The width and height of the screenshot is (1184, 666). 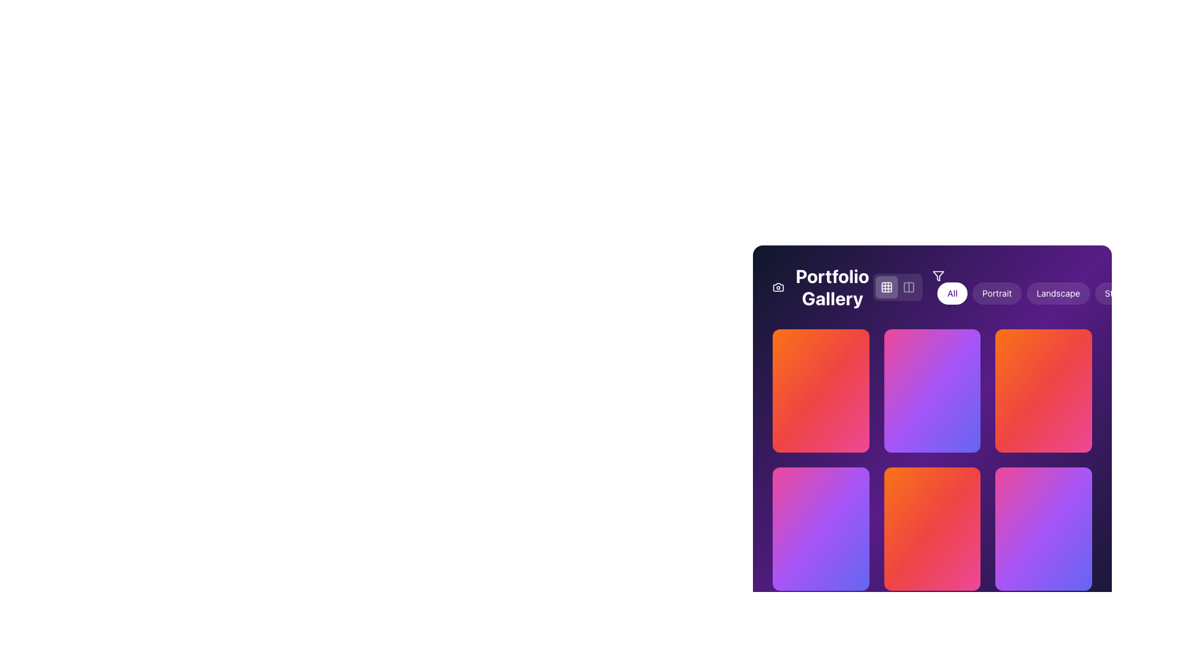 I want to click on the button or toggle icon for UI control that likely toggles to a columns view, positioned in the upper interface bar, to the left of the filter icon and to the right of the grid layout icon, so click(x=909, y=287).